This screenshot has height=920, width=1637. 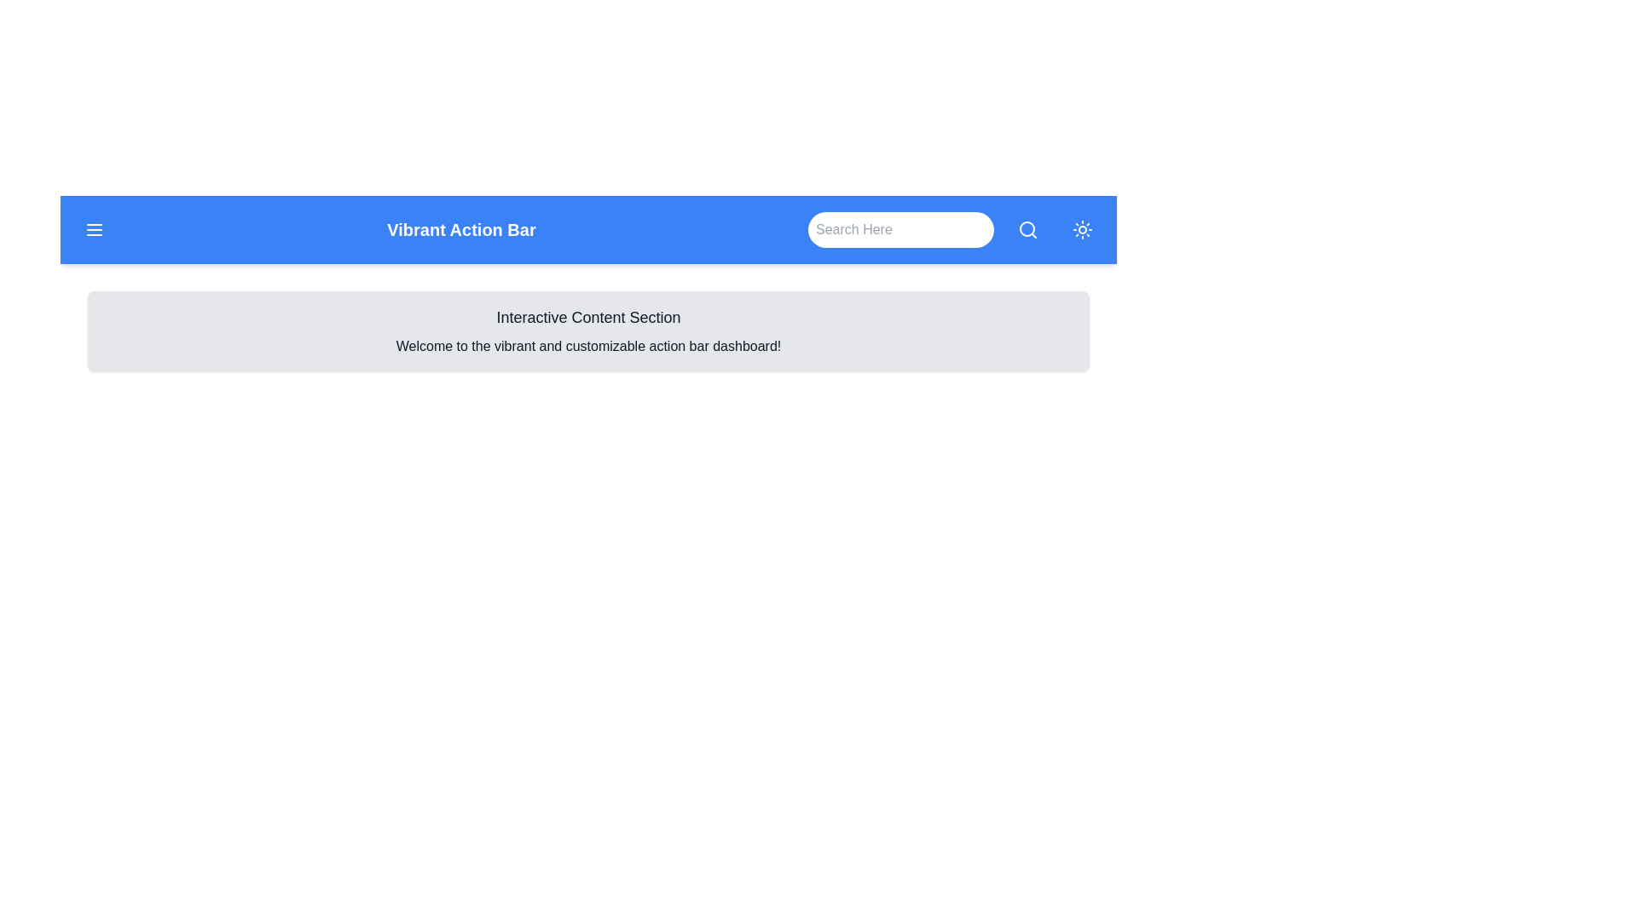 I want to click on the button with the sun icon to toggle the theme, so click(x=1081, y=230).